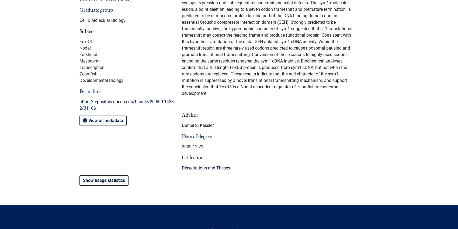 This screenshot has height=229, width=458. What do you see at coordinates (193, 157) in the screenshot?
I see `'Collection'` at bounding box center [193, 157].